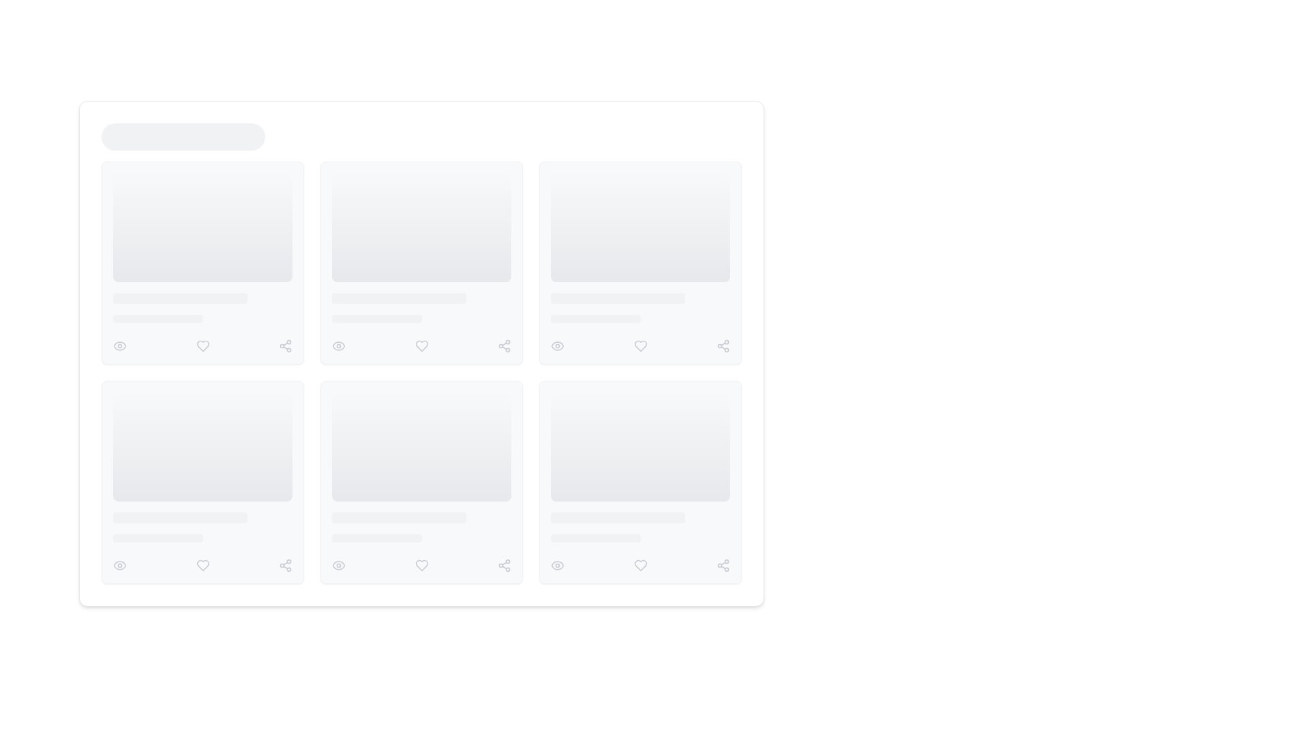  What do you see at coordinates (376, 318) in the screenshot?
I see `the progress bar placeholder located in the middle-right column of the layout, which serves as a temporary activity indicator while content loads` at bounding box center [376, 318].